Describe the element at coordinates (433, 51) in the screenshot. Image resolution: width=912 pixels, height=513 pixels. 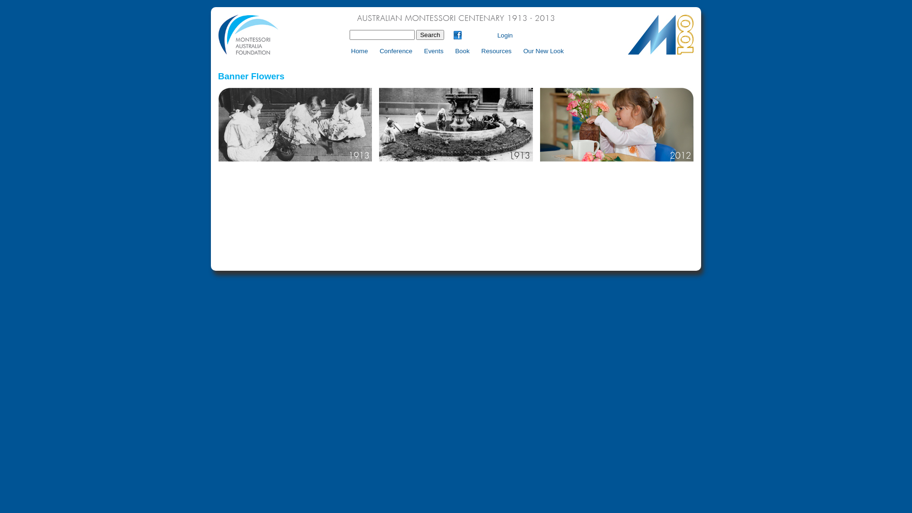
I see `'Events'` at that location.